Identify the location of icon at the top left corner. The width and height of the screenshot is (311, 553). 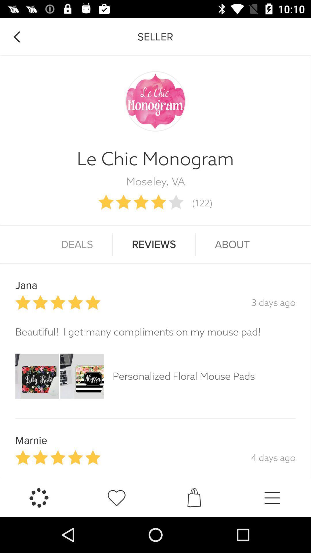
(16, 37).